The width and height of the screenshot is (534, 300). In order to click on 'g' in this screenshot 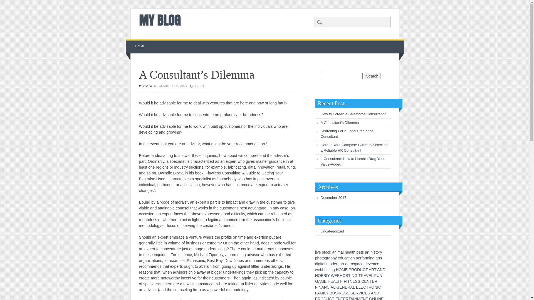, I will do `click(326, 258)`.